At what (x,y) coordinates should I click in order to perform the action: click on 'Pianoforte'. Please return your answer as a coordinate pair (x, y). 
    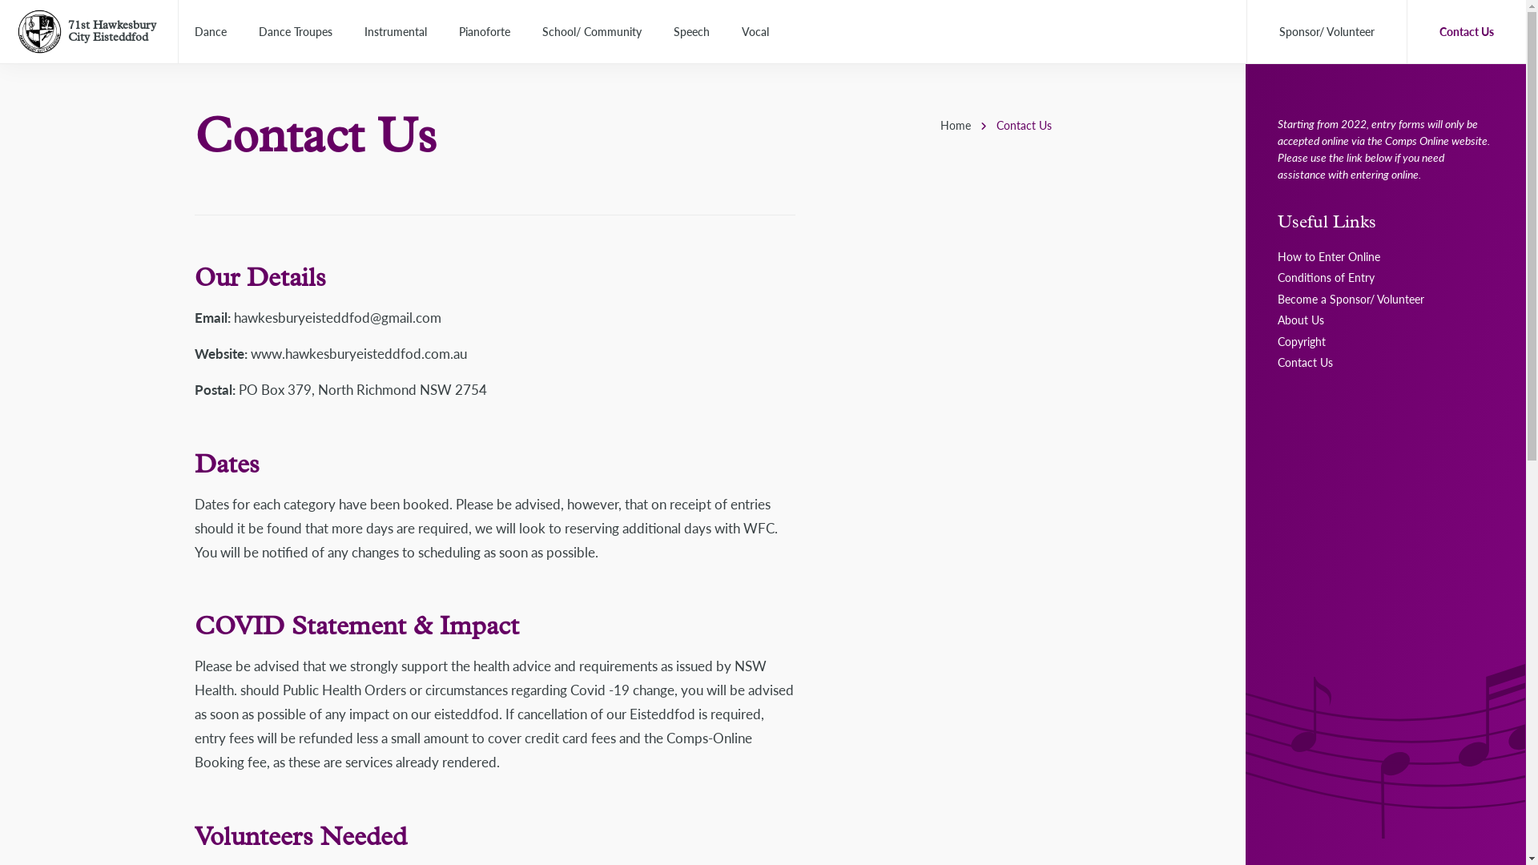
    Looking at the image, I should click on (483, 31).